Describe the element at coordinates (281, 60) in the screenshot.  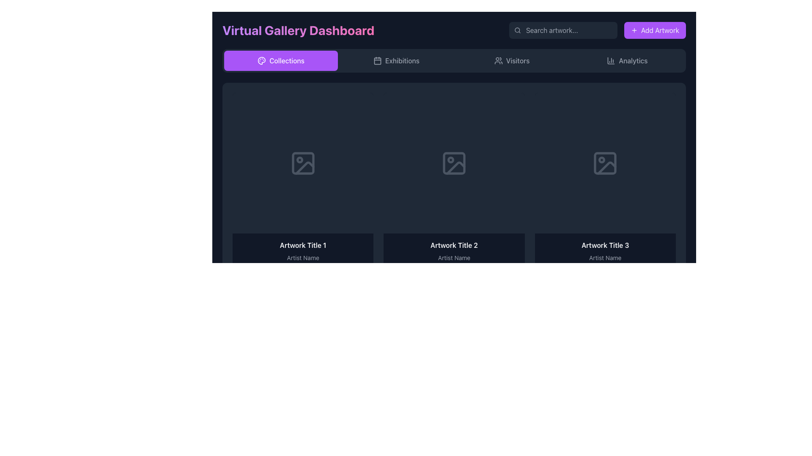
I see `the 'Collections' navigation button located` at that location.